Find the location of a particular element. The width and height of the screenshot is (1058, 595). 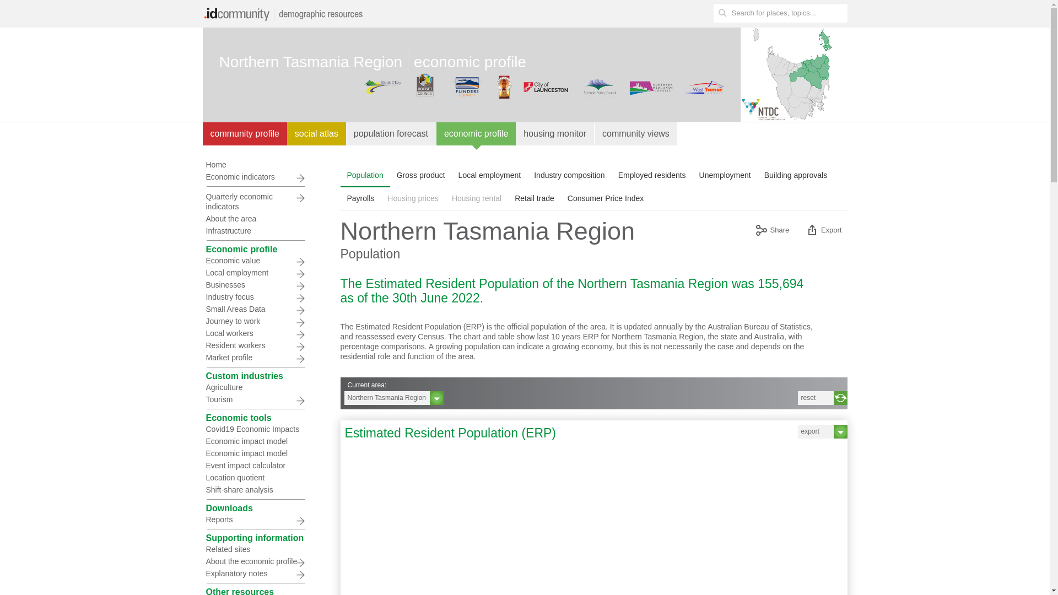

'Northern Tasmania Region' is located at coordinates (393, 398).